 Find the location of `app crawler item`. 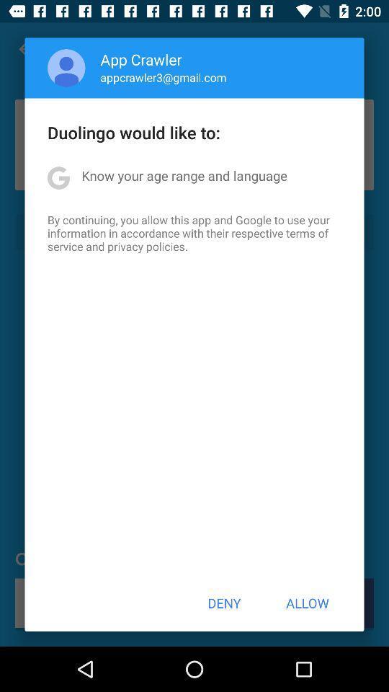

app crawler item is located at coordinates (141, 59).